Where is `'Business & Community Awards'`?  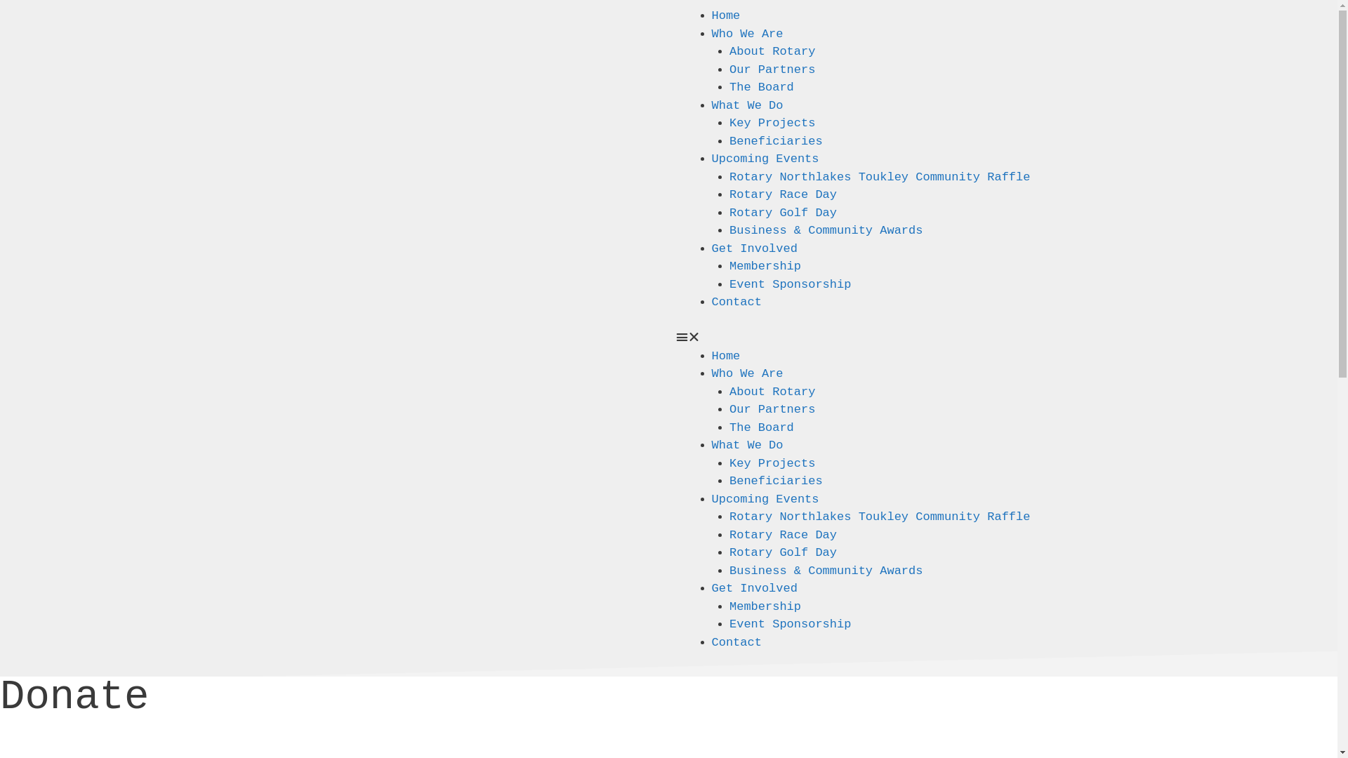 'Business & Community Awards' is located at coordinates (826, 571).